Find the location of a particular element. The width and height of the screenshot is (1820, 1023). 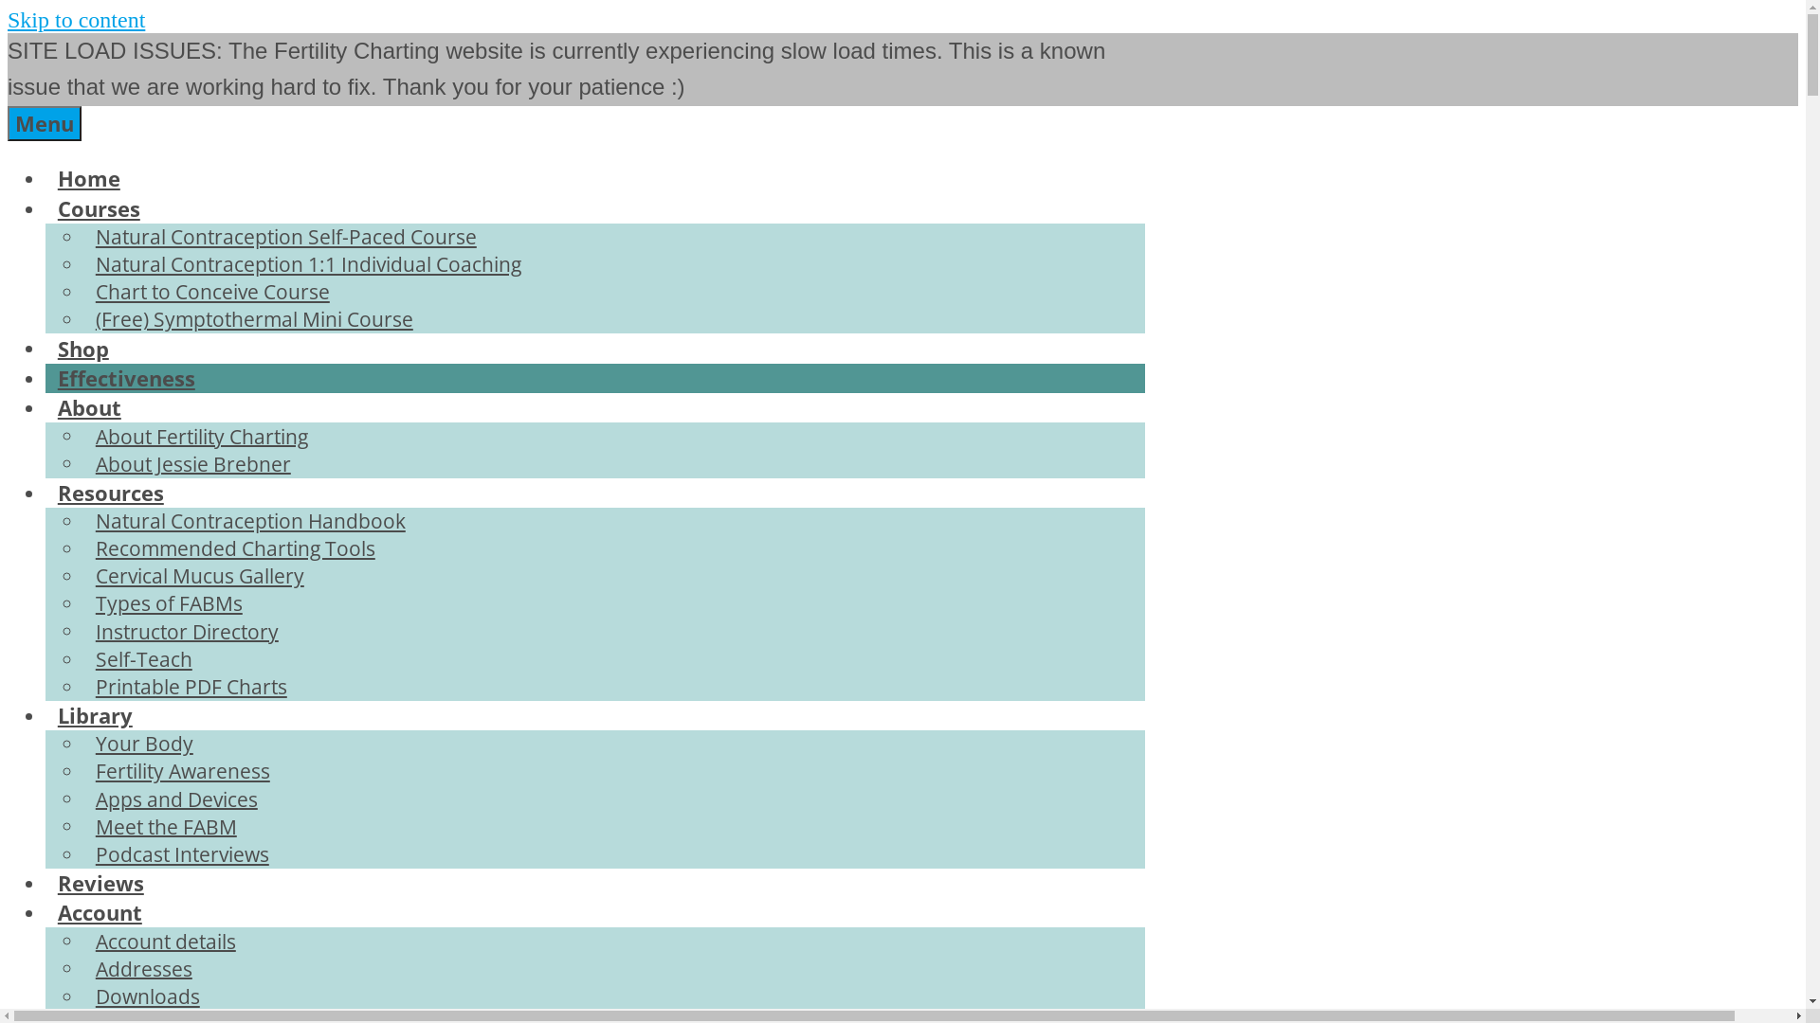

'Printable PDF Charts' is located at coordinates (191, 687).